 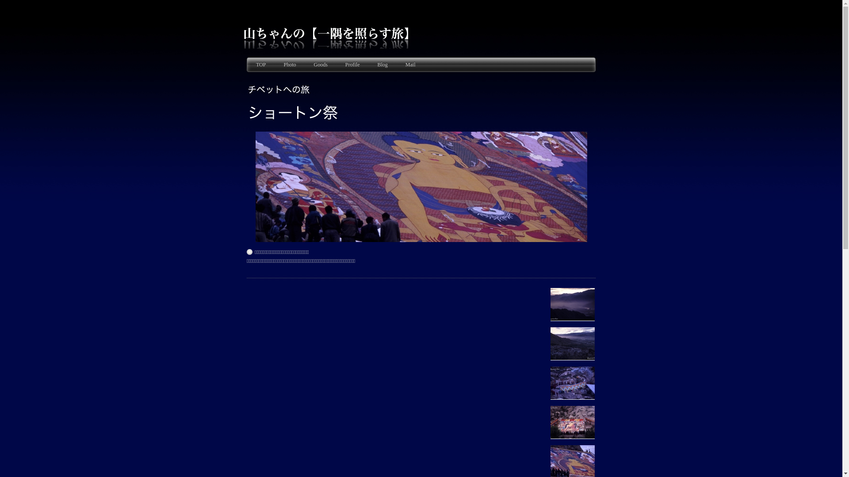 What do you see at coordinates (410, 64) in the screenshot?
I see `'Mail'` at bounding box center [410, 64].